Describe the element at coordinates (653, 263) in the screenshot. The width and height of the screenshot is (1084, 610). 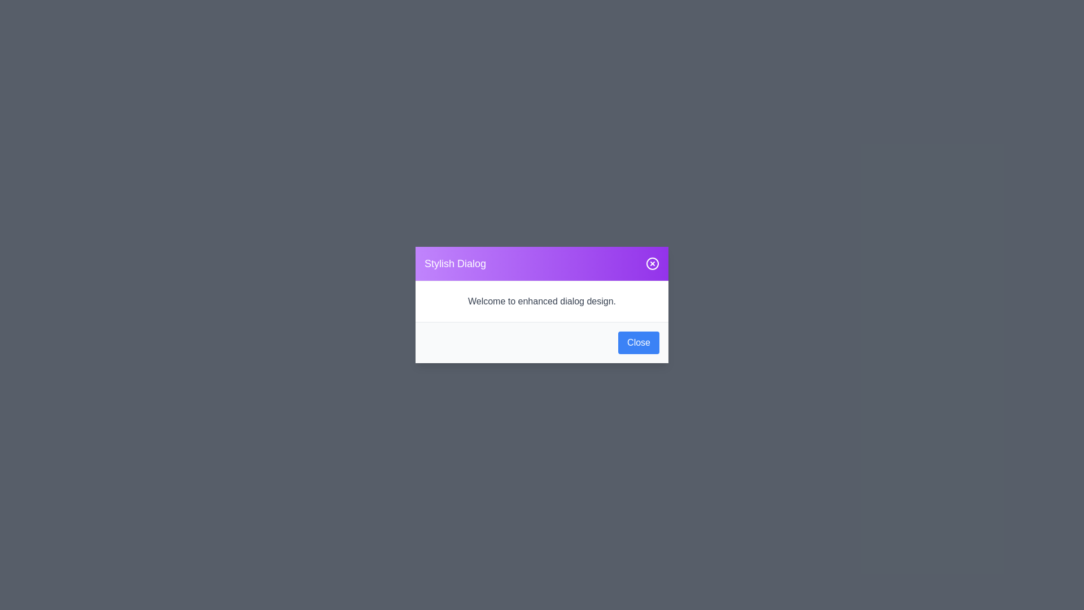
I see `the circular close button with a white border and 'X' shape on the purple background in the header of the 'Stylish Dialog'` at that location.